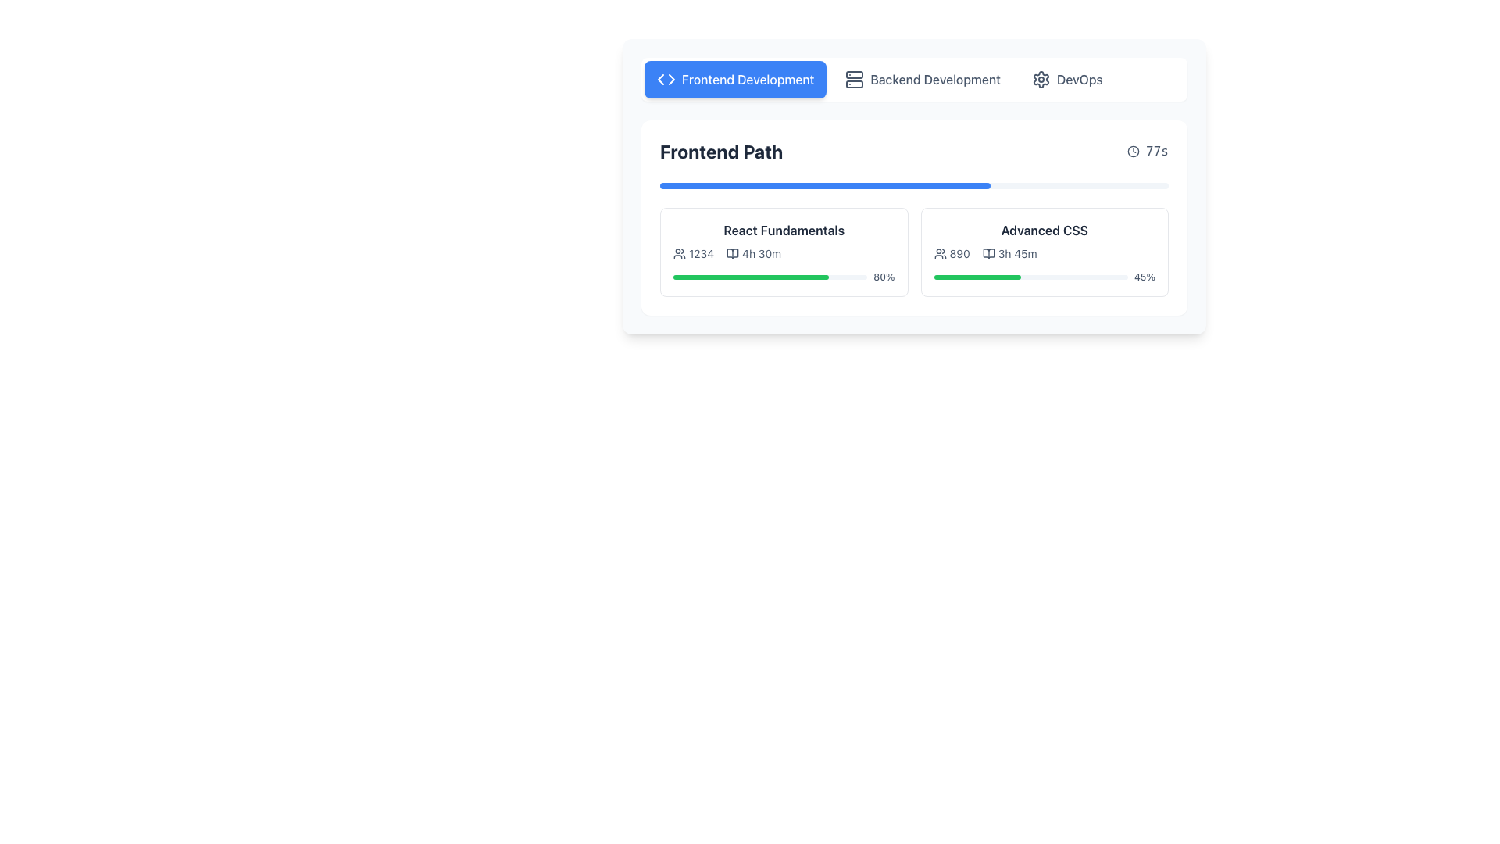 The height and width of the screenshot is (844, 1500). What do you see at coordinates (1134, 151) in the screenshot?
I see `the clock icon located on the right side of the interface, positioned above two progress indicators and adjacent to the numeric text '48s'` at bounding box center [1134, 151].